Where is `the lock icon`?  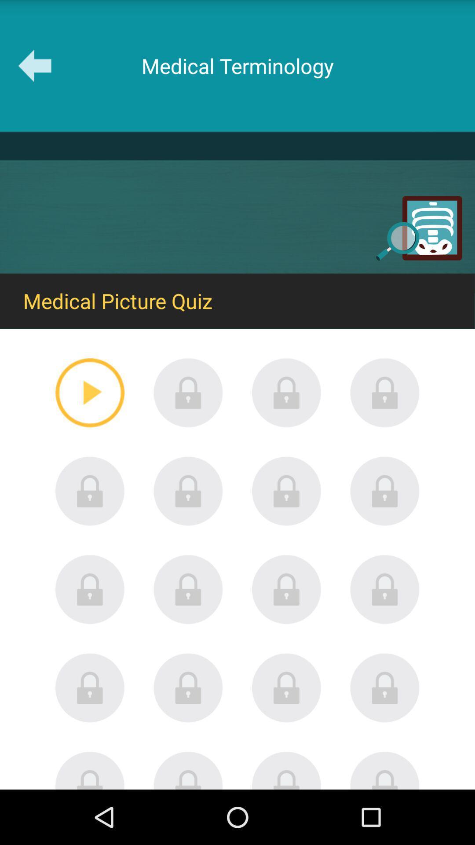
the lock icon is located at coordinates (188, 420).